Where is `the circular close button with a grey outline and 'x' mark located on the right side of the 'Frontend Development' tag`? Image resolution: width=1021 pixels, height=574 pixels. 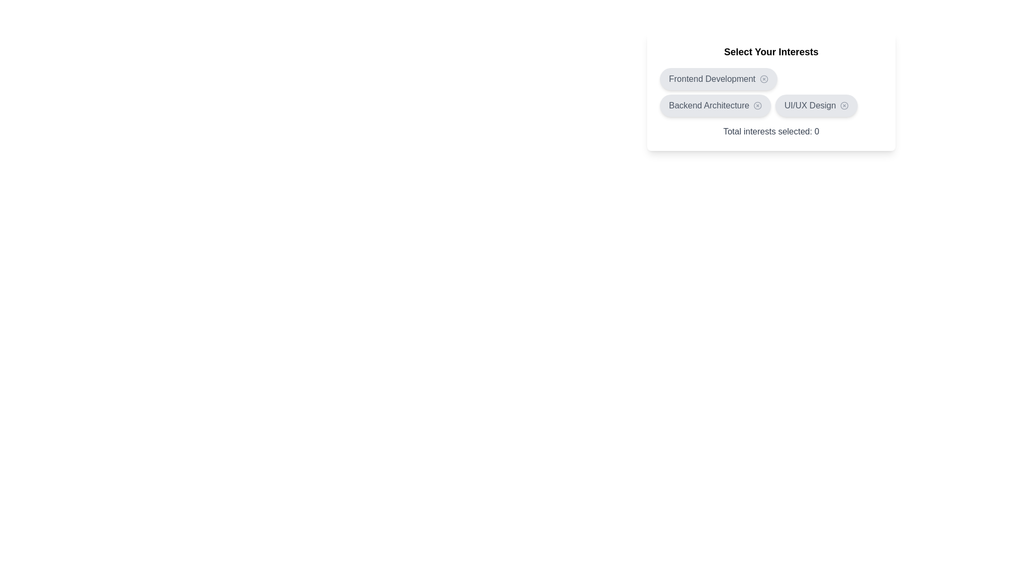 the circular close button with a grey outline and 'x' mark located on the right side of the 'Frontend Development' tag is located at coordinates (763, 79).